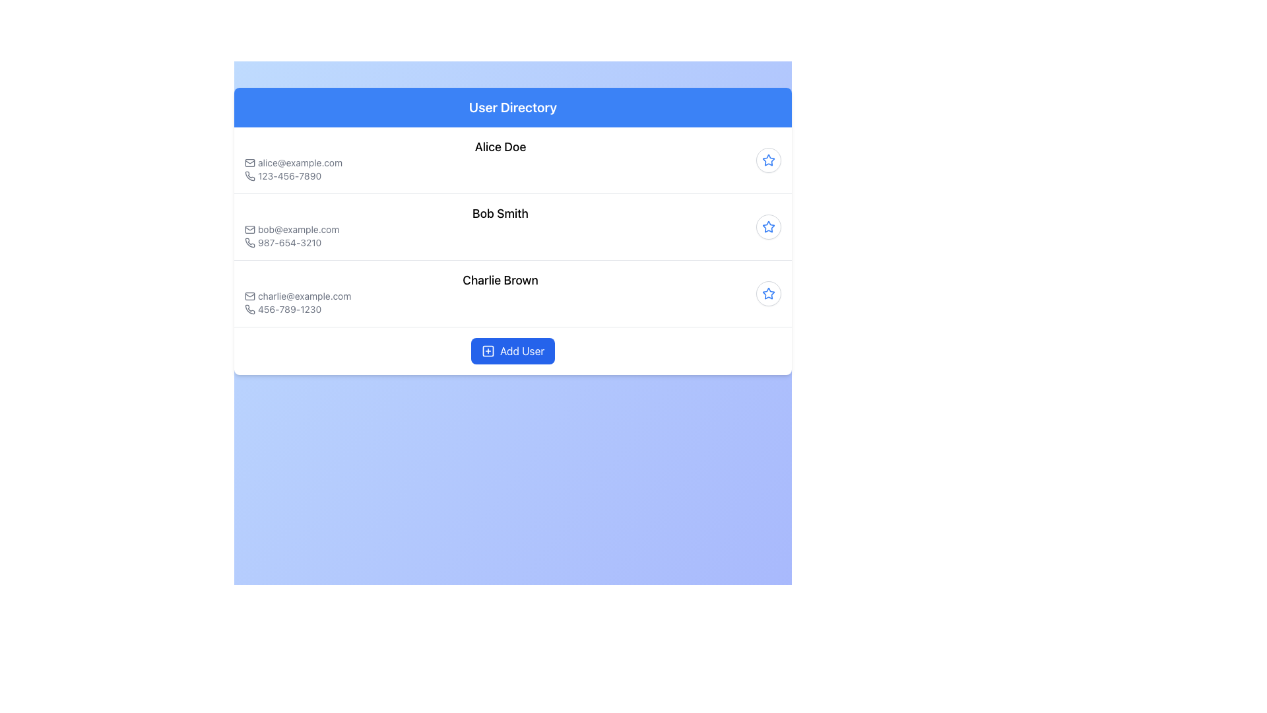 Image resolution: width=1267 pixels, height=713 pixels. What do you see at coordinates (512, 351) in the screenshot?
I see `the button that adds a new user to the list, located centrally at the bottom of the 'User Directory' section` at bounding box center [512, 351].